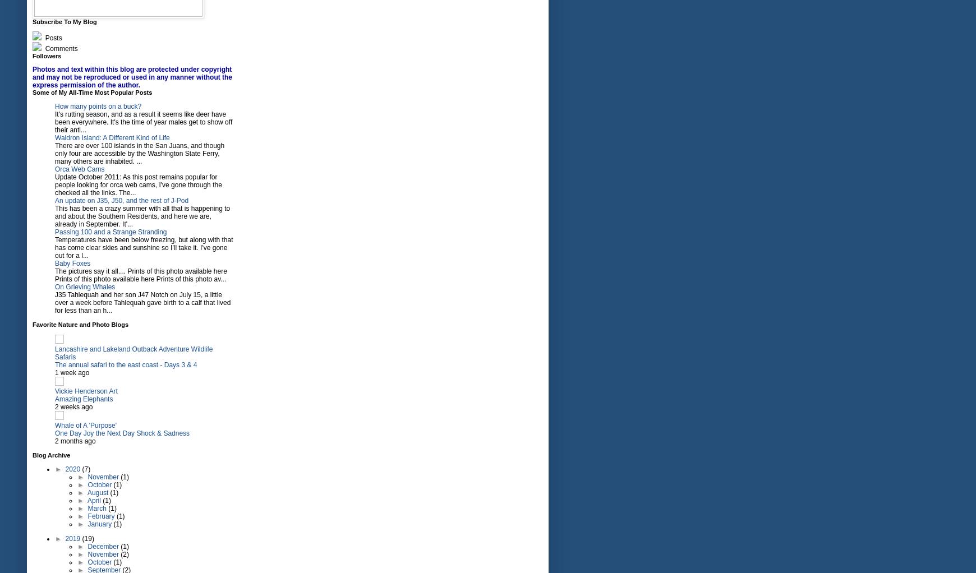 The height and width of the screenshot is (573, 976). Describe the element at coordinates (54, 275) in the screenshot. I see `'The pictures say it all....     Prints of this photo available here     Prints of this photo available here          Prints of this photo av...'` at that location.